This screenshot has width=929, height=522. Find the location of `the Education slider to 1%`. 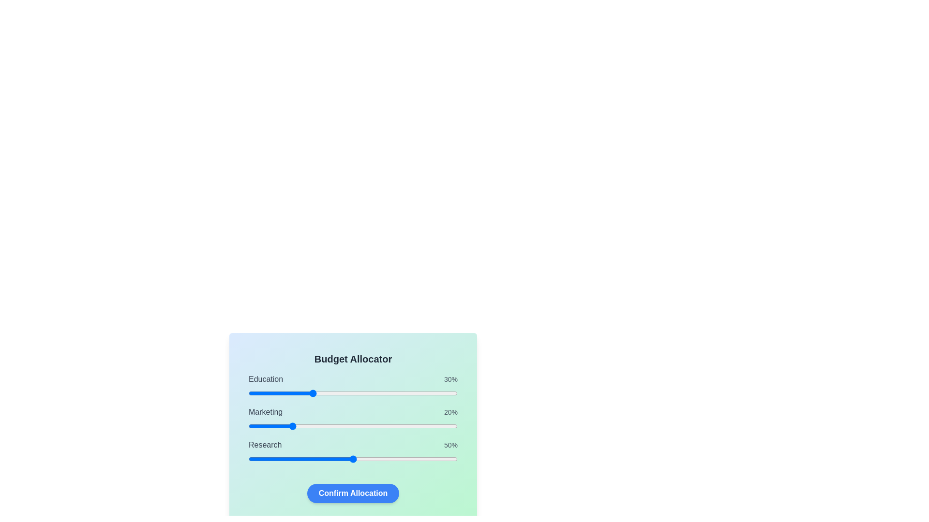

the Education slider to 1% is located at coordinates (251, 393).